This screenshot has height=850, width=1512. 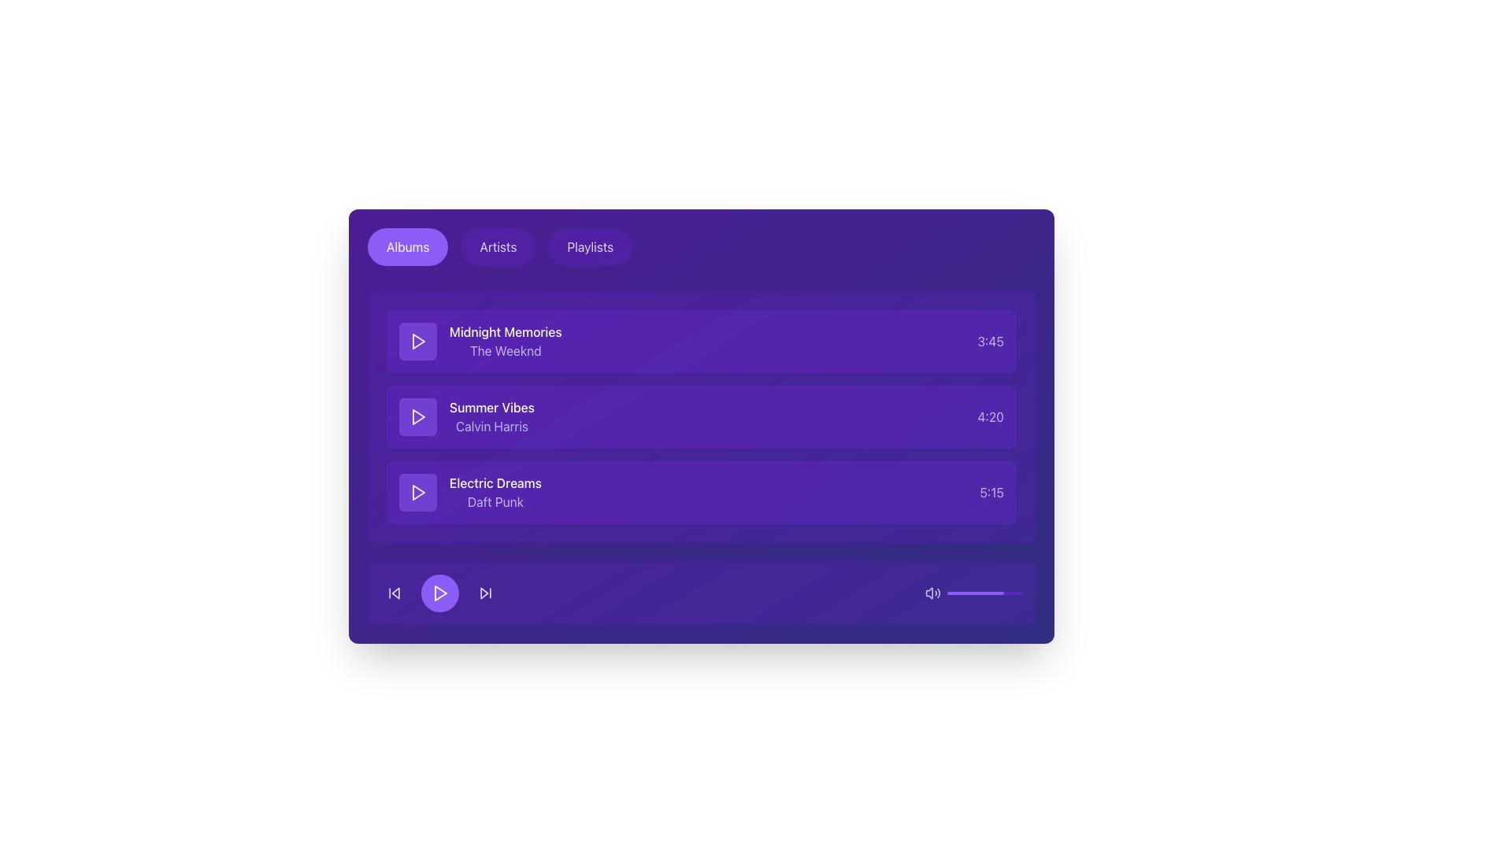 What do you see at coordinates (469, 491) in the screenshot?
I see `the third list item labeled 'Electric Dreams' which features bold white text on a purple background` at bounding box center [469, 491].